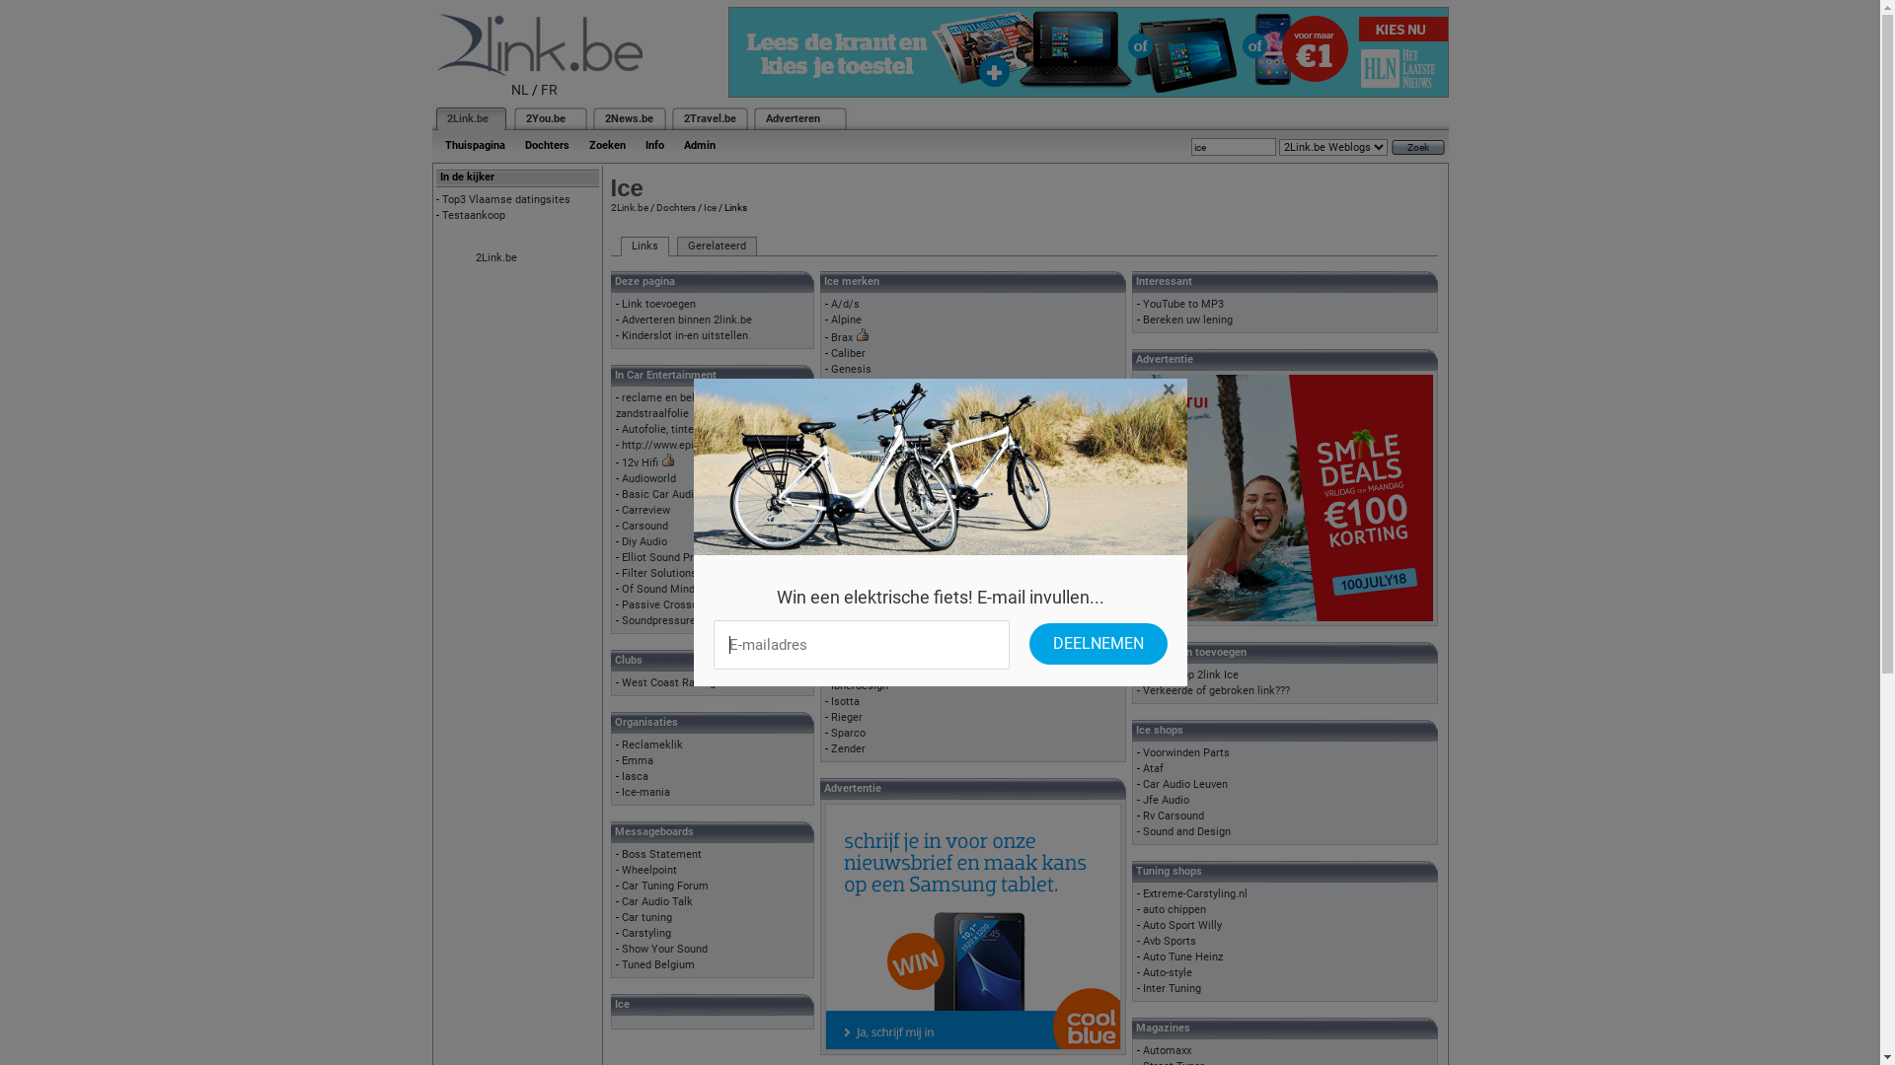 The height and width of the screenshot is (1065, 1895). What do you see at coordinates (699, 144) in the screenshot?
I see `'Admin'` at bounding box center [699, 144].